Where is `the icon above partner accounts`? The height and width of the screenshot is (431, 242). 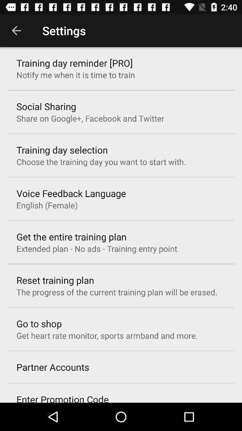
the icon above partner accounts is located at coordinates (107, 335).